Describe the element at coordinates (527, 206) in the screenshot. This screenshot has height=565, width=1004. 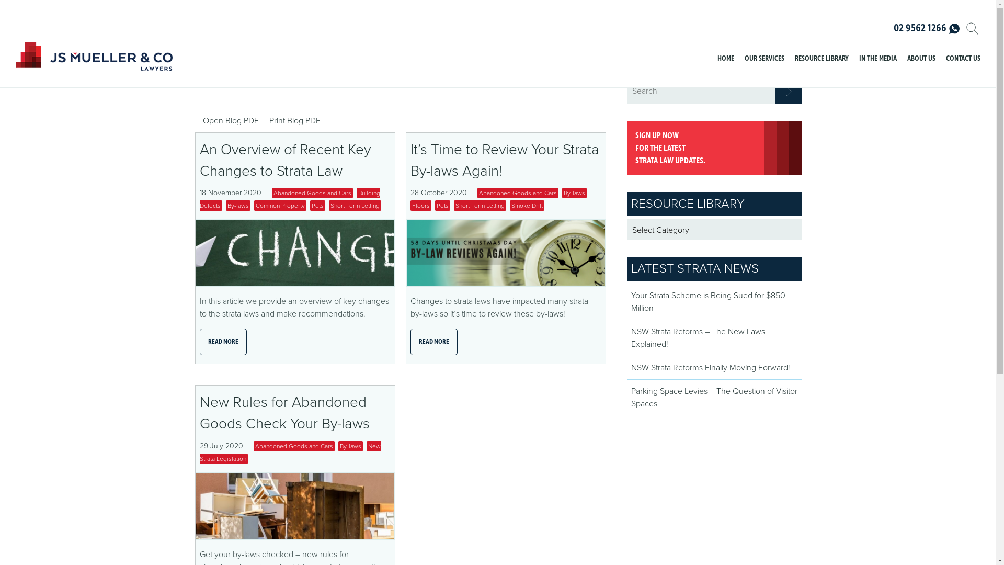
I see `'Smoke Drift'` at that location.